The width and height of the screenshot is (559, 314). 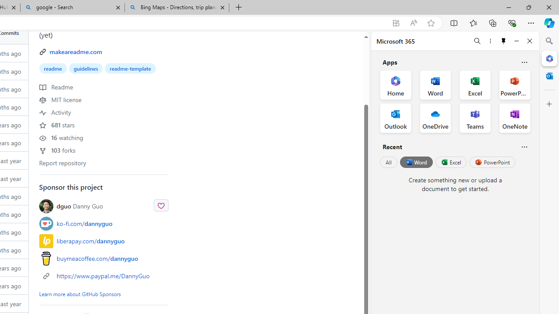 I want to click on 'Report repository', so click(x=62, y=162).